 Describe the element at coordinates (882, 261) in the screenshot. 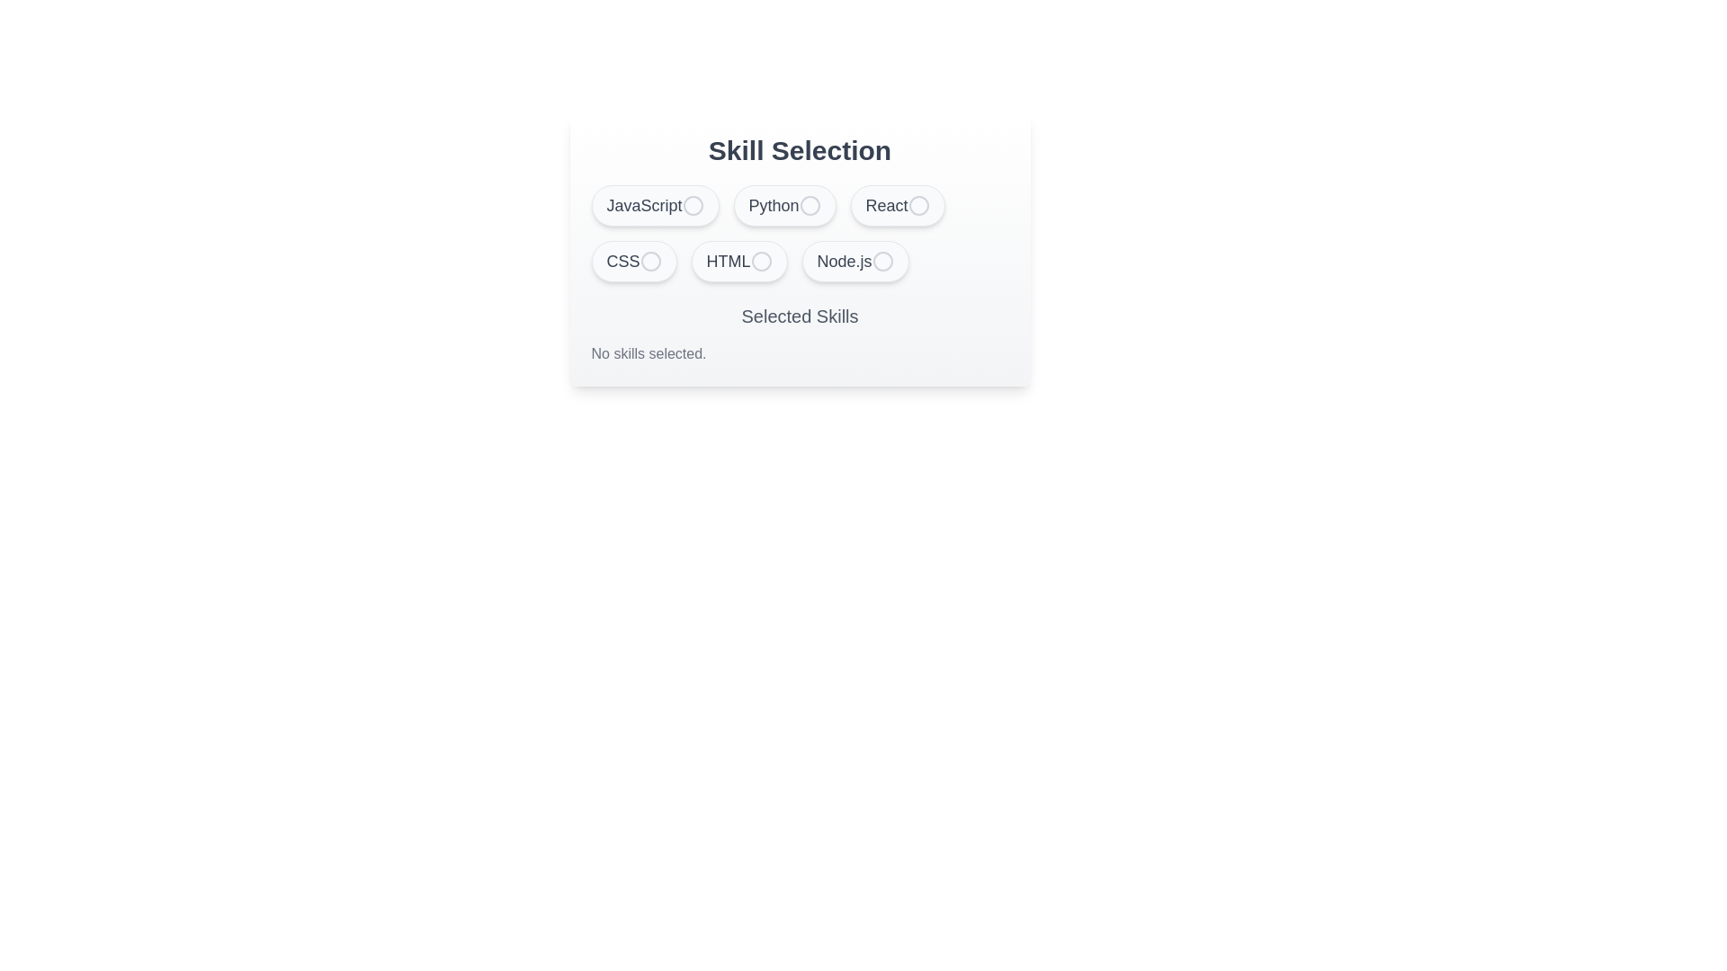

I see `the outlined gray circle SVG element located to the right of the 'Node.js' label within its button, part of the 'Skill Selection' grid layout` at that location.